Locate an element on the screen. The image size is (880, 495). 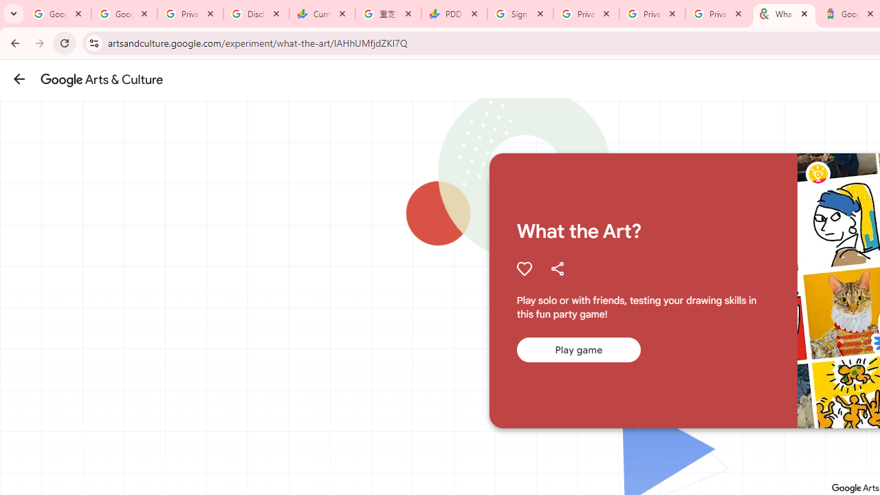
'Currencies - Google Finance' is located at coordinates (322, 14).